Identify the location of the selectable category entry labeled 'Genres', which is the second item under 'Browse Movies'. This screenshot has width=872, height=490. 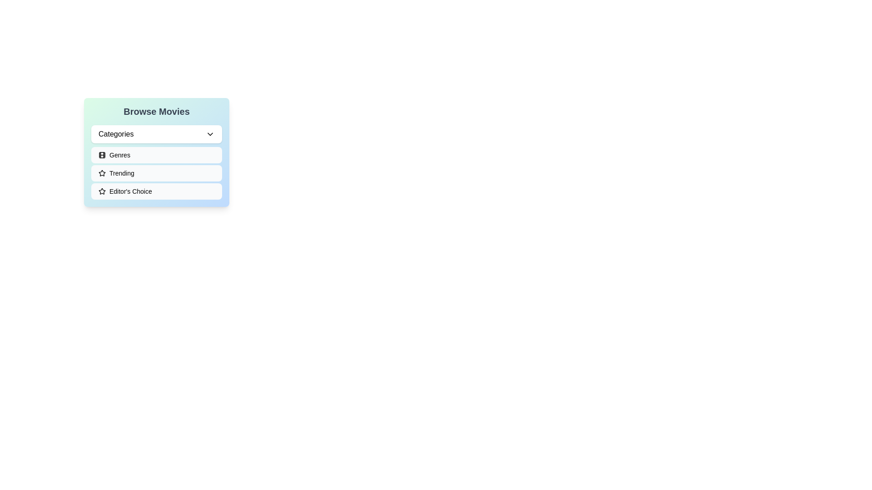
(157, 162).